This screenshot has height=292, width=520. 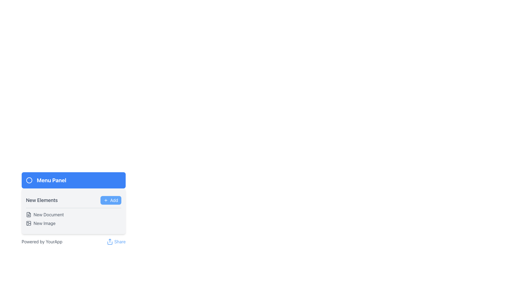 What do you see at coordinates (73, 223) in the screenshot?
I see `the interactive option labeled 'New Image' within the vertical list labeled 'New Elements', positioned below 'New Document'` at bounding box center [73, 223].